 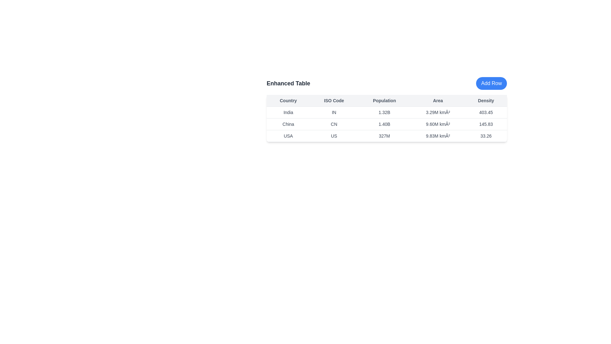 I want to click on the density value text element that displays the numerical density associated with the 'USA' dataset, located in the last position of the third row of the table, so click(x=486, y=136).